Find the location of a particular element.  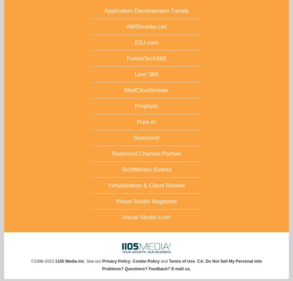

'Cookie Policy' is located at coordinates (146, 261).